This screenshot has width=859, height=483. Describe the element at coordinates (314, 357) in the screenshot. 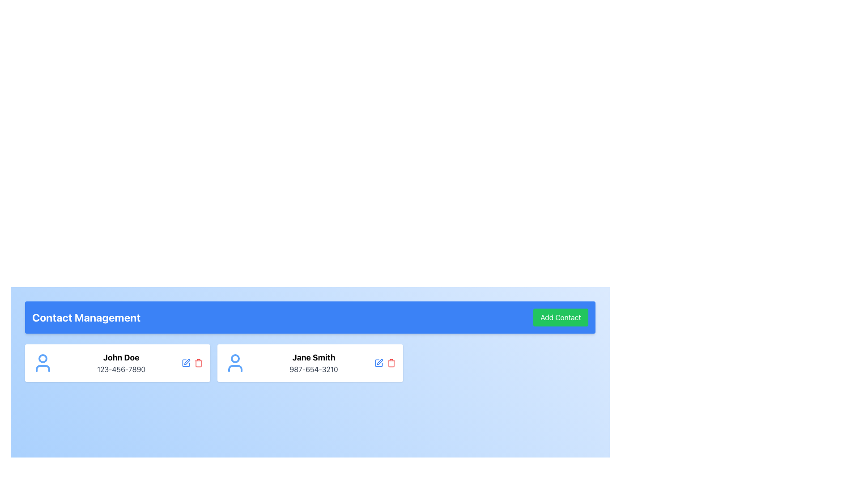

I see `the text label 'Jane Smith' which is styled in bold and large font, located in the second contact card above the phone number '987-654-3210'` at that location.